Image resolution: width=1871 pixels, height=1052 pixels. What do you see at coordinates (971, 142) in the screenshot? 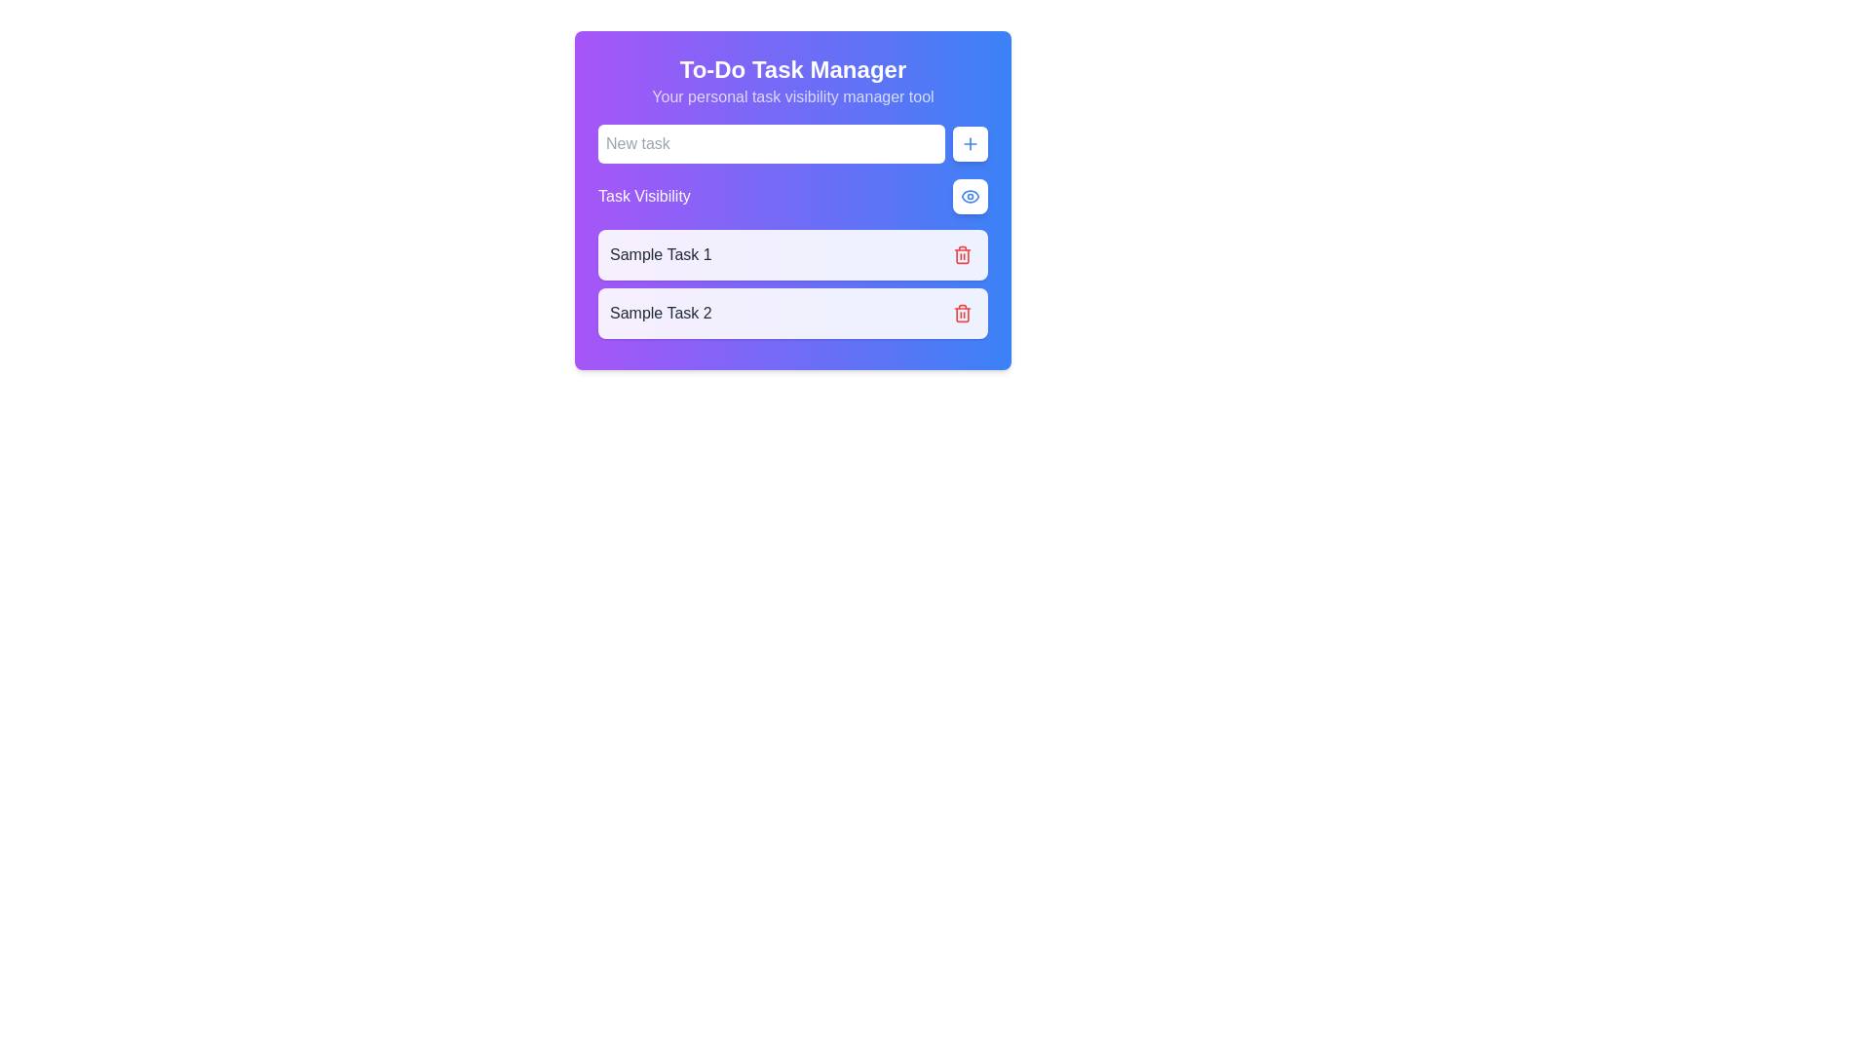
I see `the add or create icon located in the top-right corner of the 'New task' input field` at bounding box center [971, 142].